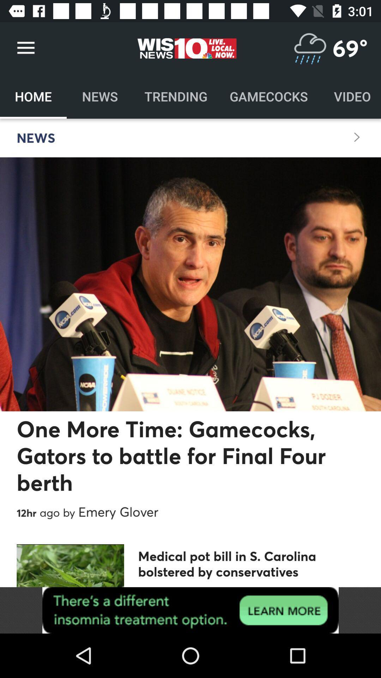 This screenshot has height=678, width=381. Describe the element at coordinates (350, 48) in the screenshot. I see `69 degree which is above video on the top right corner of the page` at that location.